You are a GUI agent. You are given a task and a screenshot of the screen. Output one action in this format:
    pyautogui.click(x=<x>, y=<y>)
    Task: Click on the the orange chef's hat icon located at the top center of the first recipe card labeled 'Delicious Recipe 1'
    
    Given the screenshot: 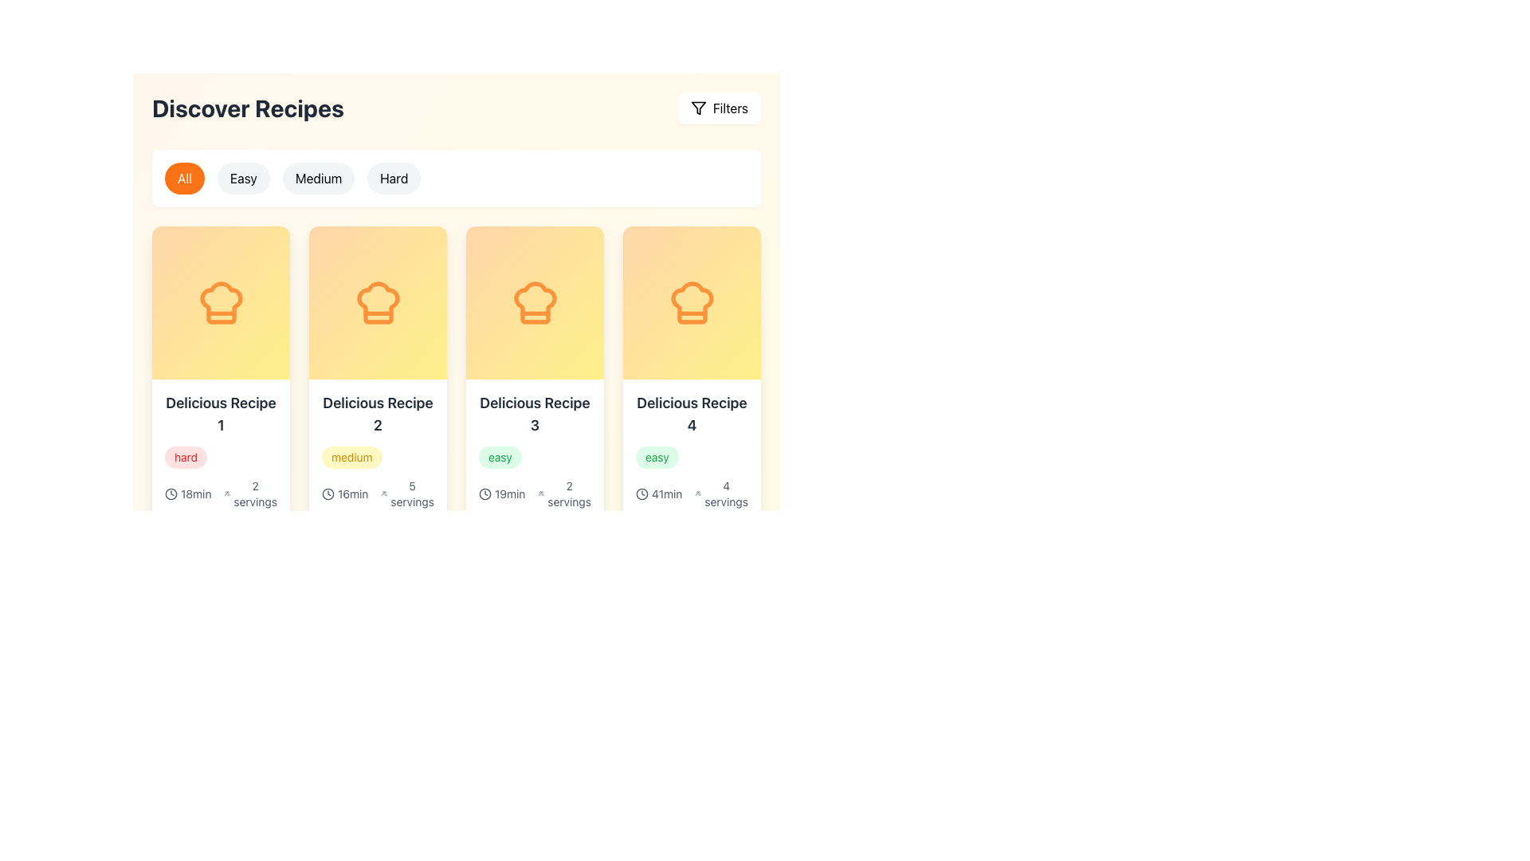 What is the action you would take?
    pyautogui.click(x=220, y=302)
    